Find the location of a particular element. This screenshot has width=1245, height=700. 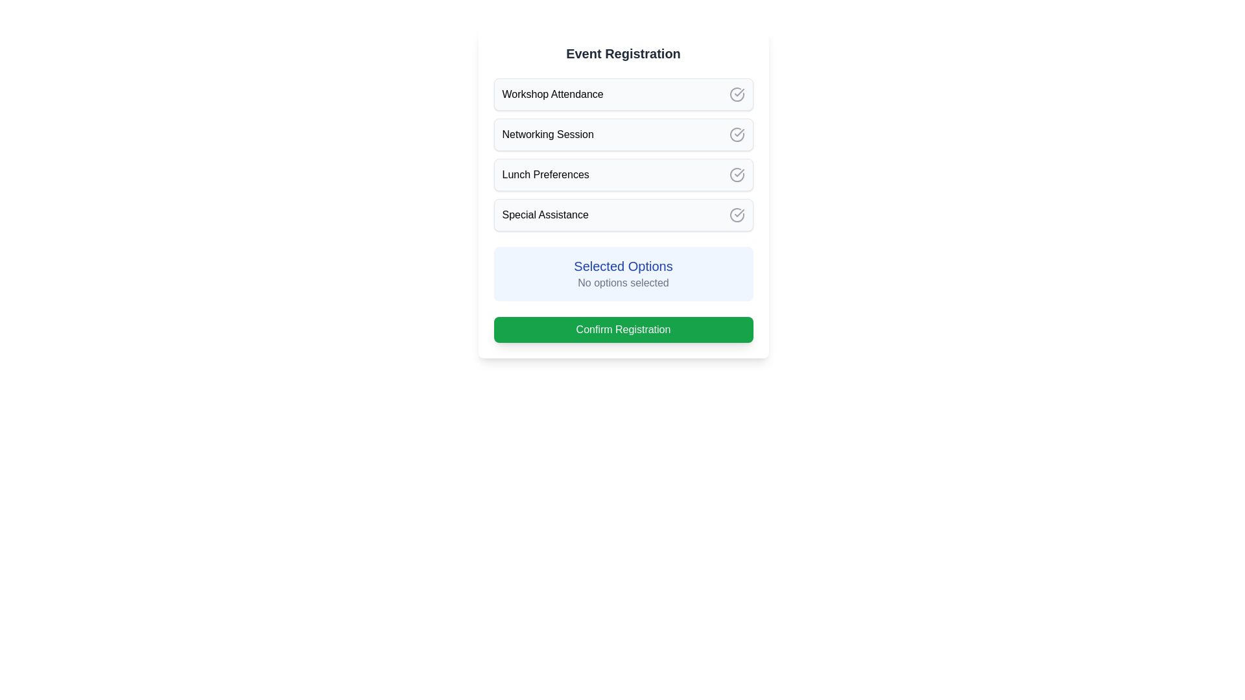

the Checkbox icon adjacent to the 'Workshop Attendance' label is located at coordinates (737, 94).